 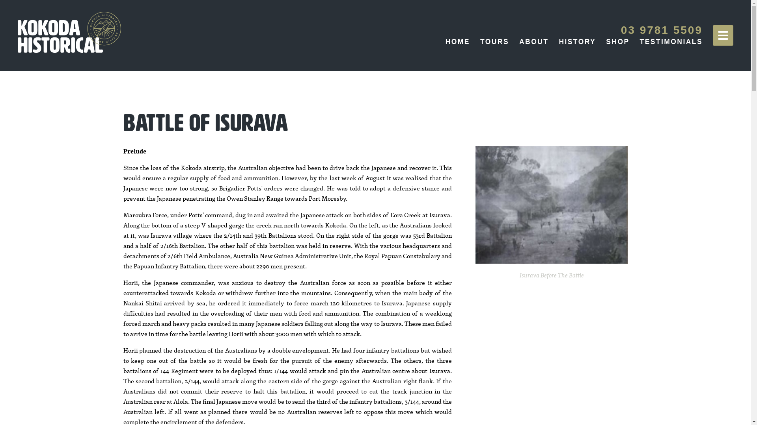 What do you see at coordinates (69, 31) in the screenshot?
I see `'Kokoda Historical (en-AU)'` at bounding box center [69, 31].